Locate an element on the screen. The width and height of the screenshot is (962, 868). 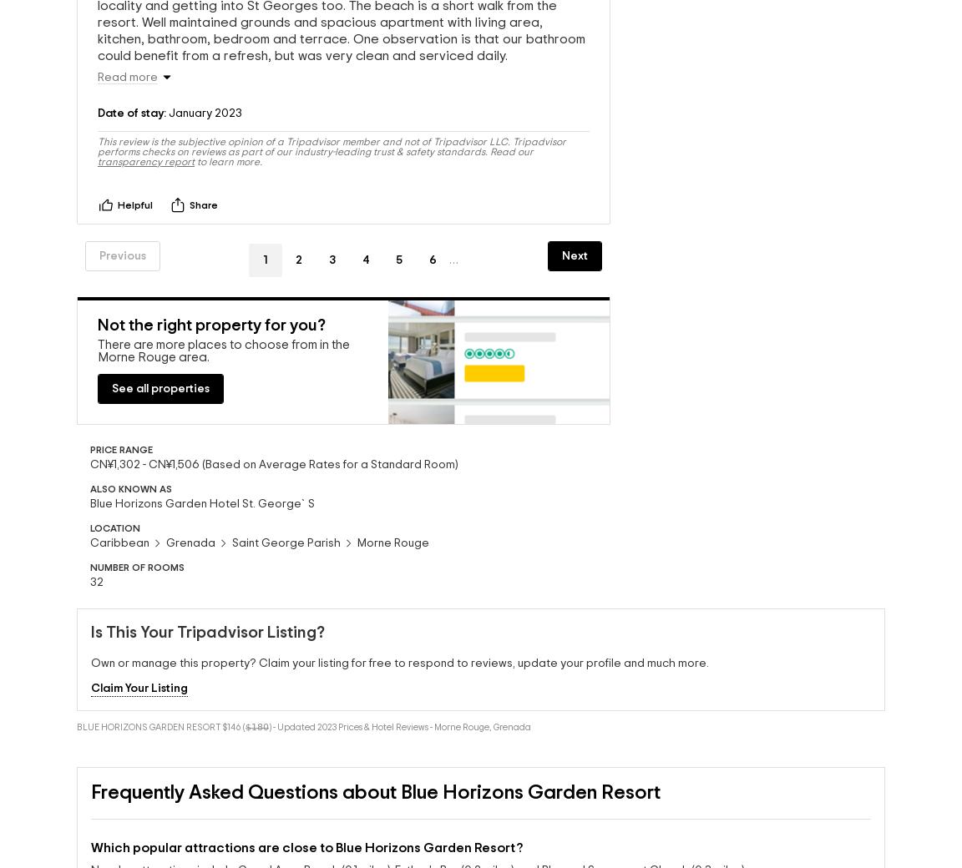
'area.' is located at coordinates (192, 361).